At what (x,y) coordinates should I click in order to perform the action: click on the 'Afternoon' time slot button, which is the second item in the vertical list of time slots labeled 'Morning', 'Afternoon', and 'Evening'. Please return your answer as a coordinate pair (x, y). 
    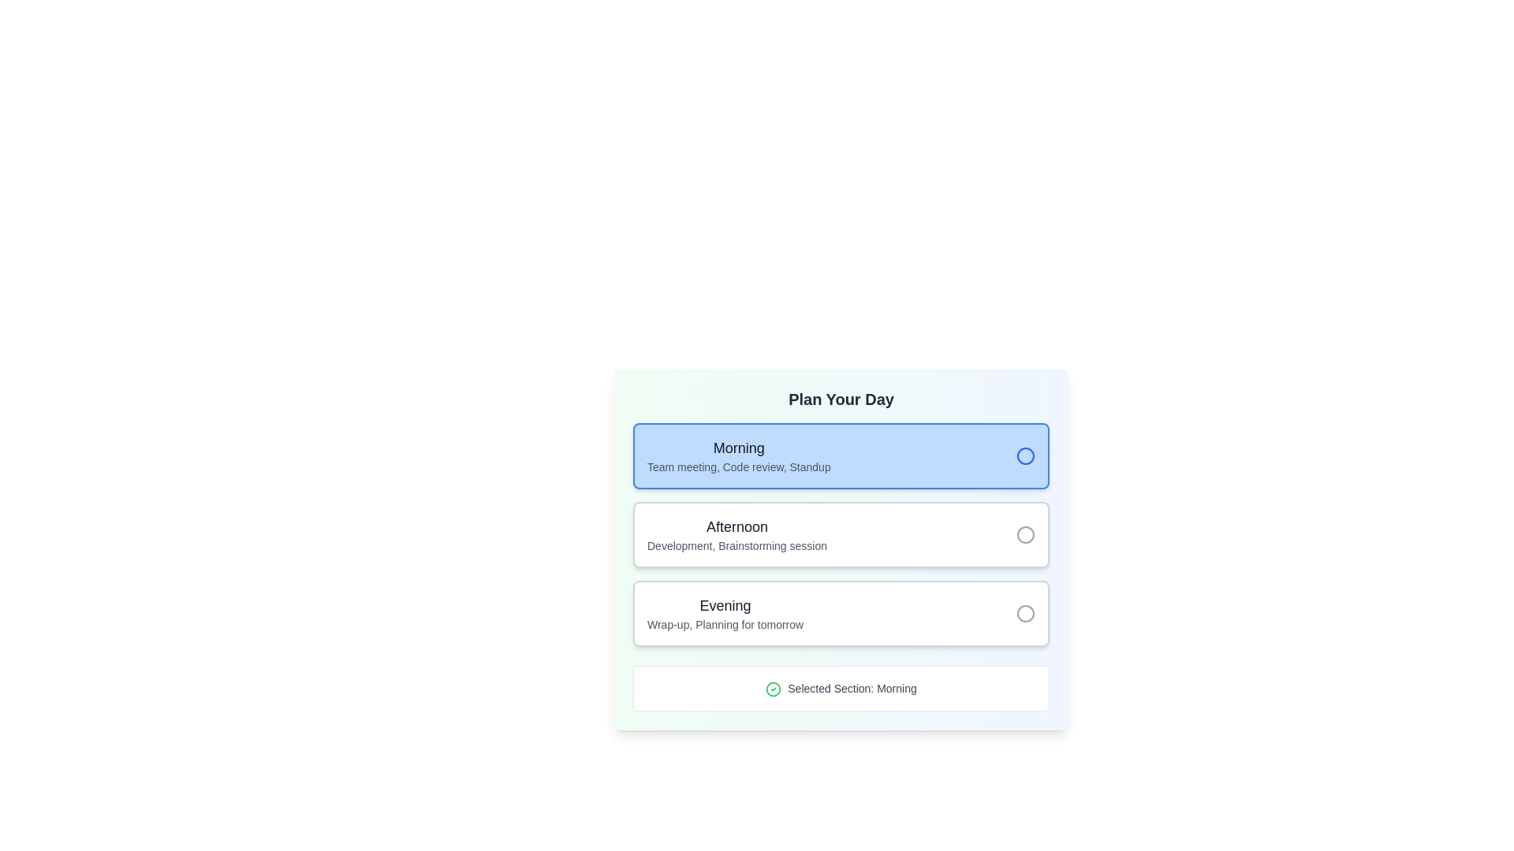
    Looking at the image, I should click on (840, 533).